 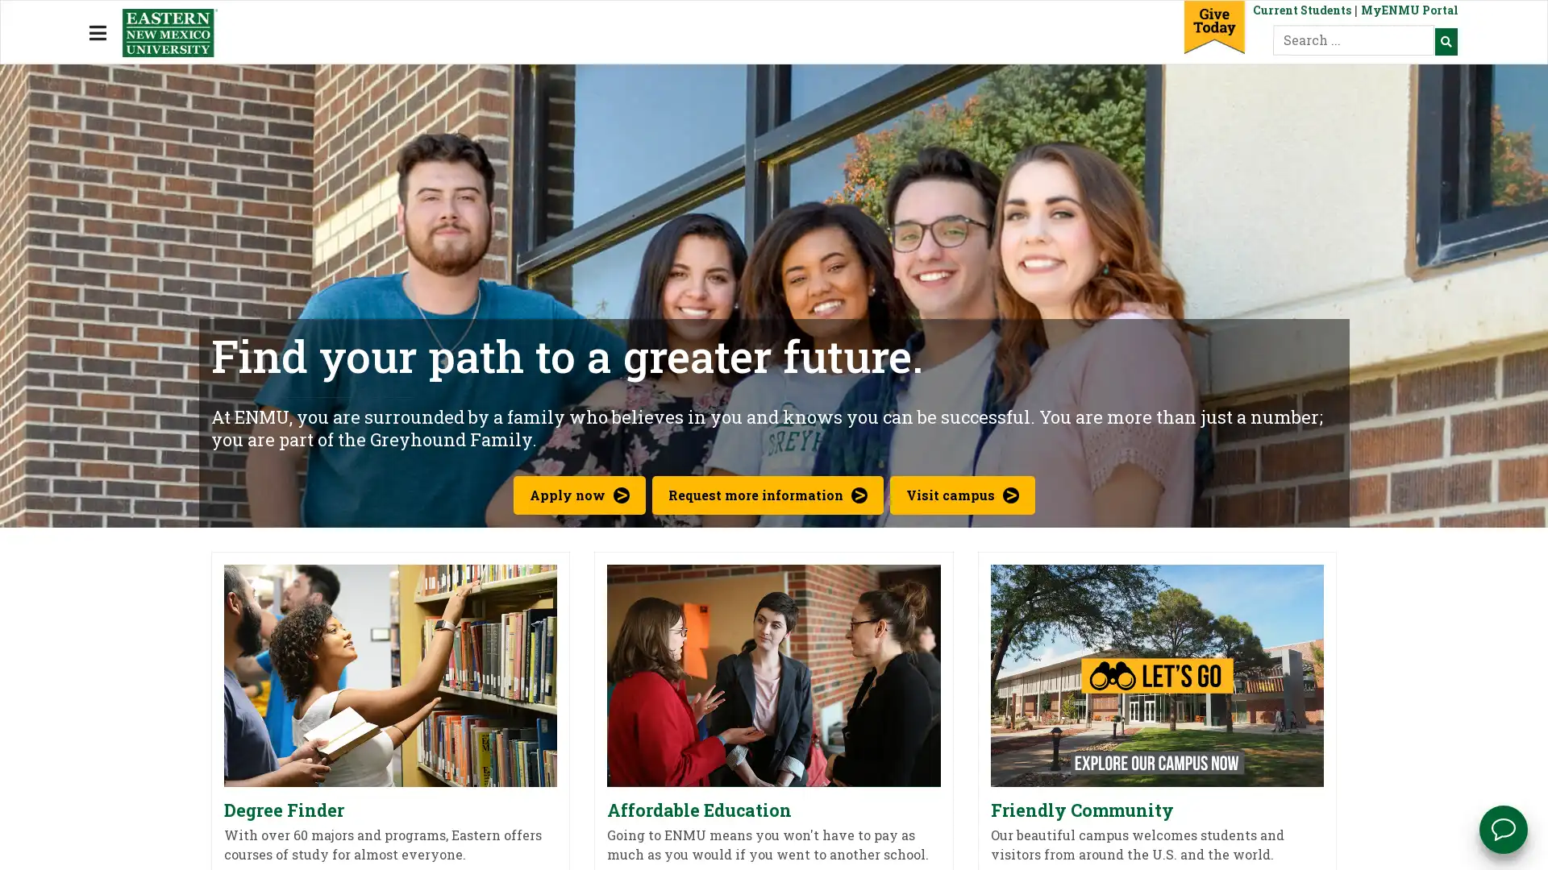 I want to click on Go, so click(x=1446, y=39).